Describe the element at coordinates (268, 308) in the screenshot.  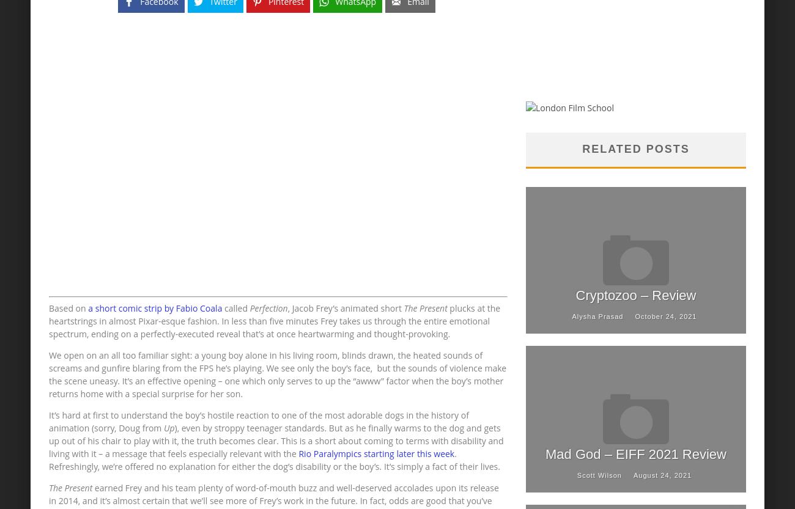
I see `'Perfection'` at that location.